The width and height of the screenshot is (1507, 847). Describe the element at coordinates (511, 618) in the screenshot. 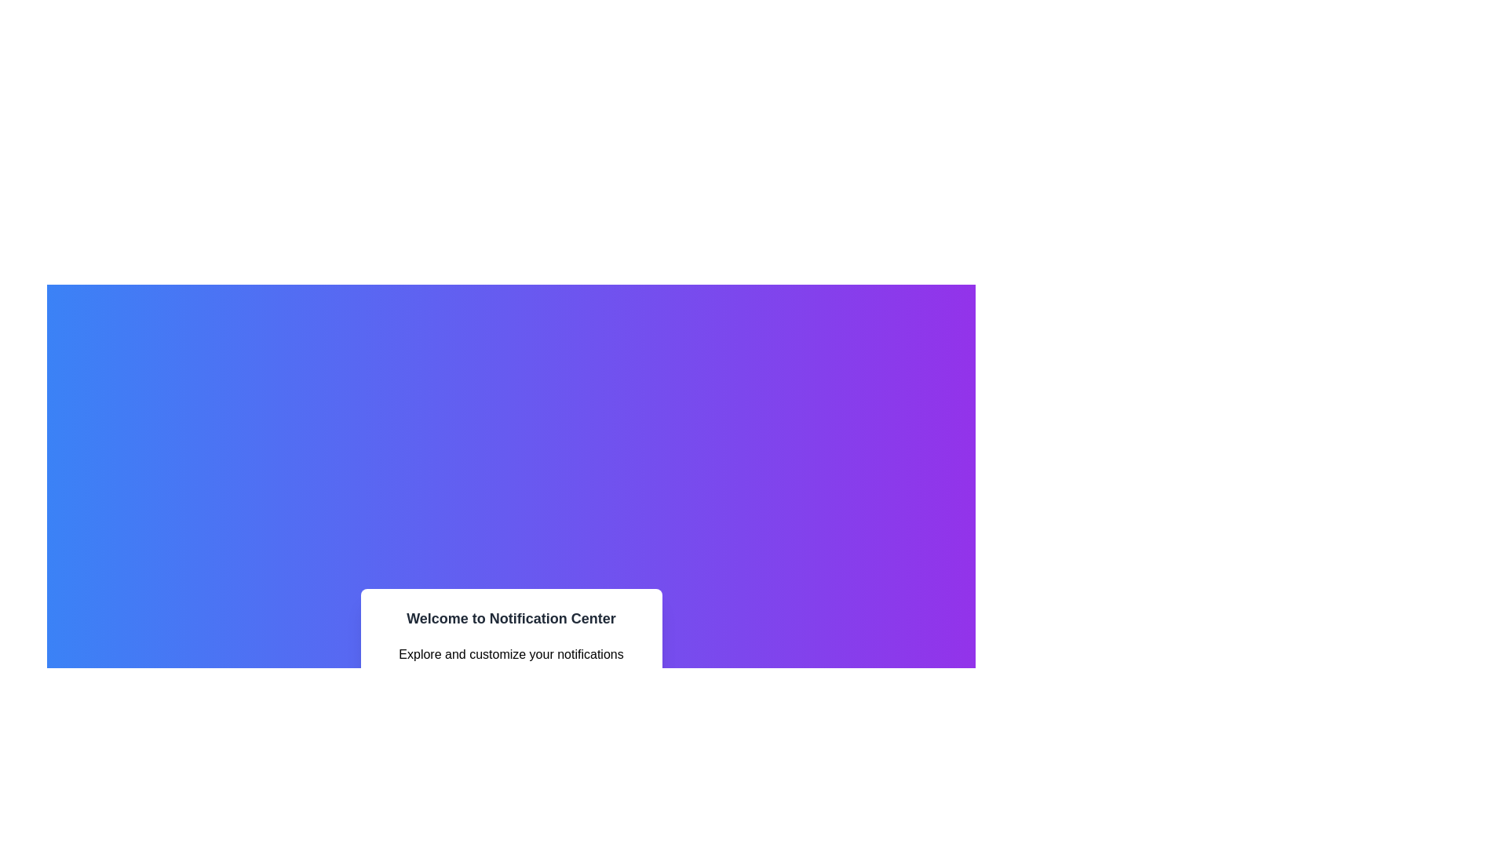

I see `the Text header that serves as a headline for the notification center interface, located above the text 'Explore and customize your notifications efficiently.'` at that location.